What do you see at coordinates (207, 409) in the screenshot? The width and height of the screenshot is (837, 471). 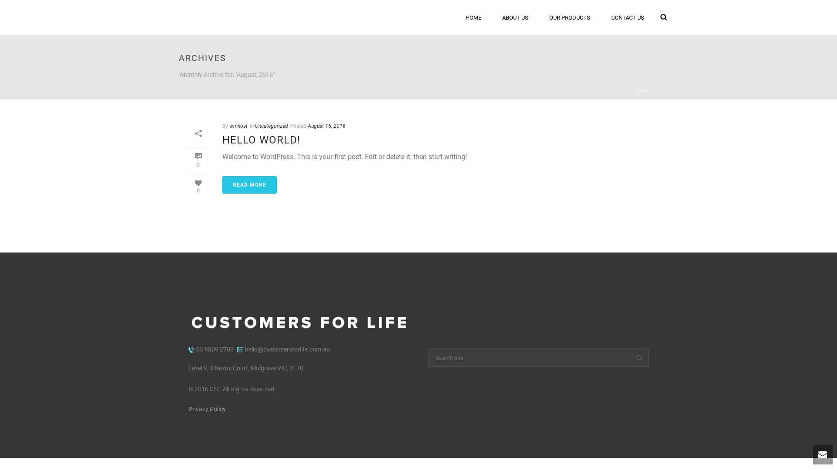 I see `'Privacy Policy'` at bounding box center [207, 409].